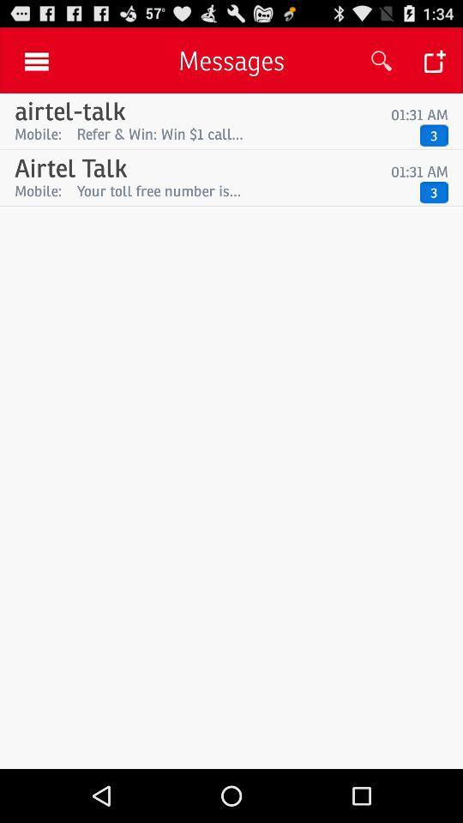 The height and width of the screenshot is (823, 463). Describe the element at coordinates (244, 133) in the screenshot. I see `app next to the mobile: app` at that location.